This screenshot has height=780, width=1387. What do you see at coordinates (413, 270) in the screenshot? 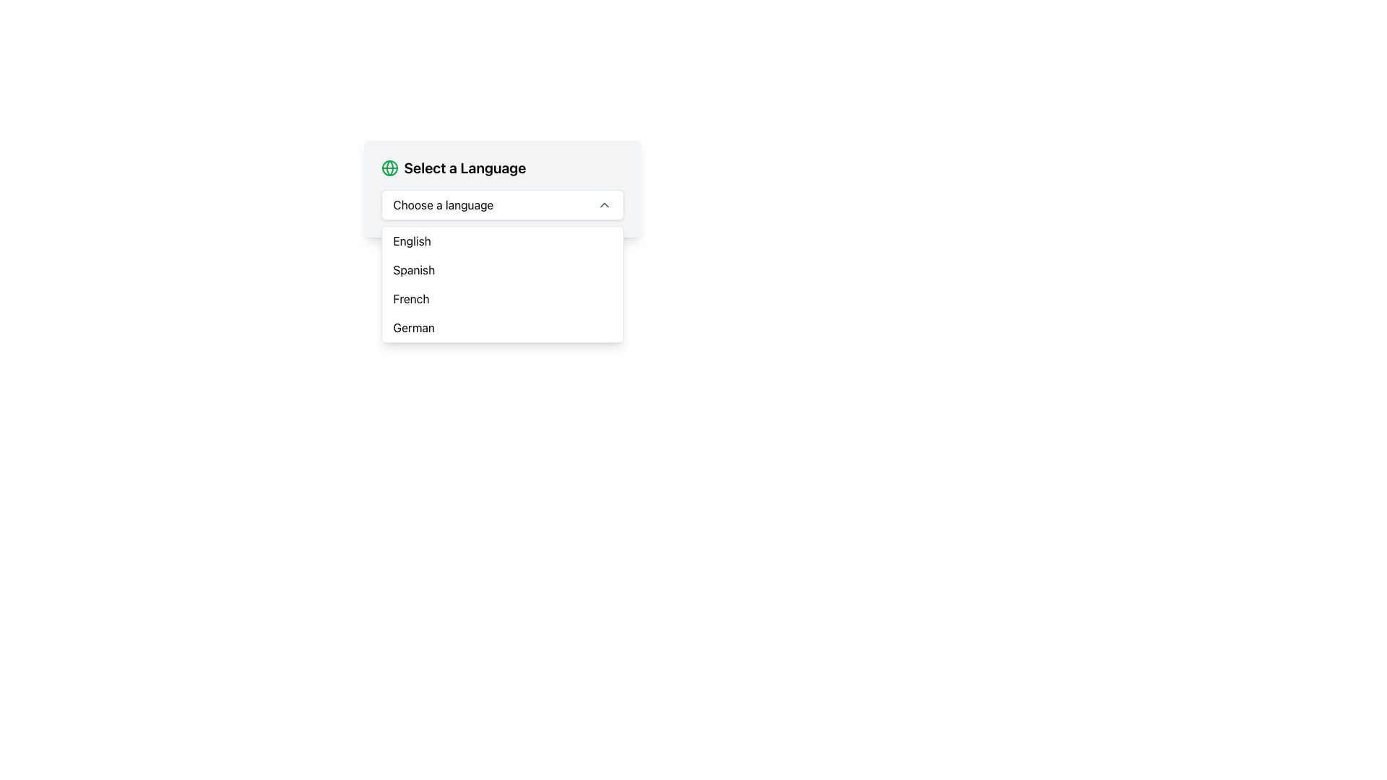
I see `the 'Spanish' text label in the dropdown menu` at bounding box center [413, 270].